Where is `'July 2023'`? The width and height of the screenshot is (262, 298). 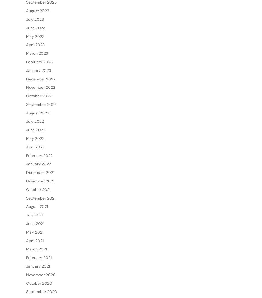
'July 2023' is located at coordinates (35, 37).